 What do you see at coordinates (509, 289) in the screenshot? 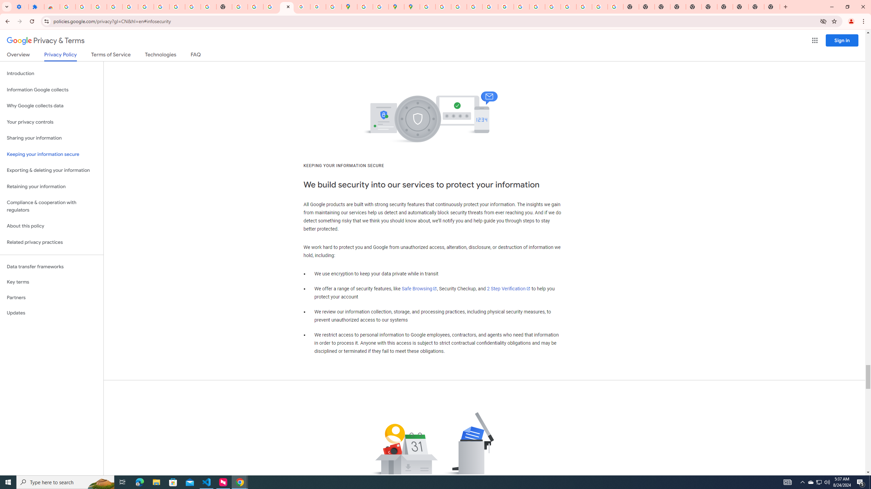
I see `'2 Step Verification'` at bounding box center [509, 289].